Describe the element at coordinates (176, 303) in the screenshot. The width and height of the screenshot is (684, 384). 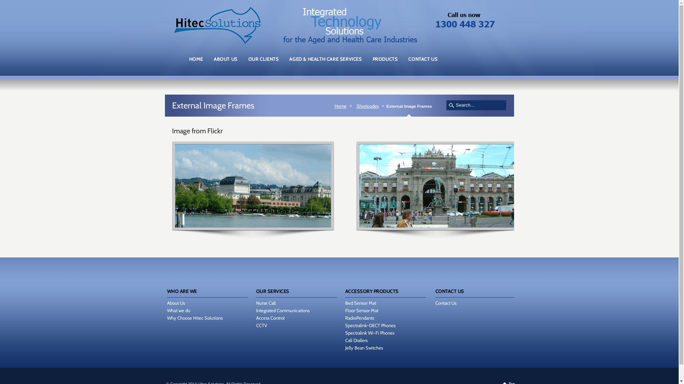
I see `'About Us'` at that location.